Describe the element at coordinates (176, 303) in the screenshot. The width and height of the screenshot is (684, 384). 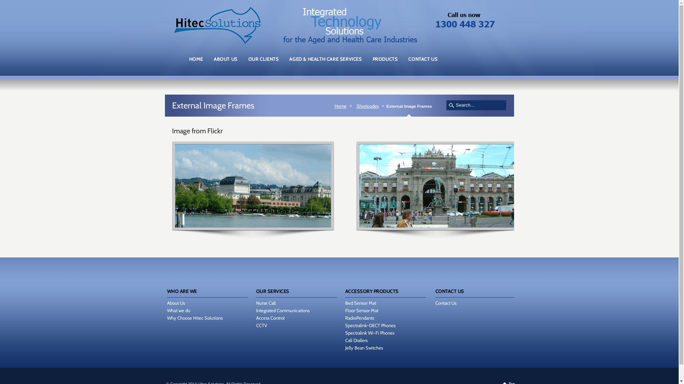
I see `'About Us'` at that location.